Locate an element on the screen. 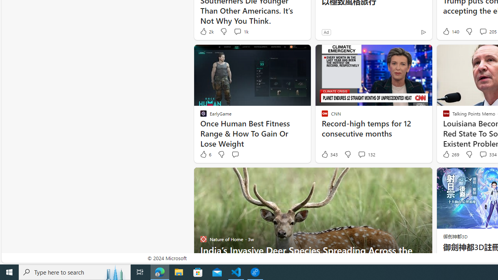 The image size is (498, 280). '2k Like' is located at coordinates (206, 31).